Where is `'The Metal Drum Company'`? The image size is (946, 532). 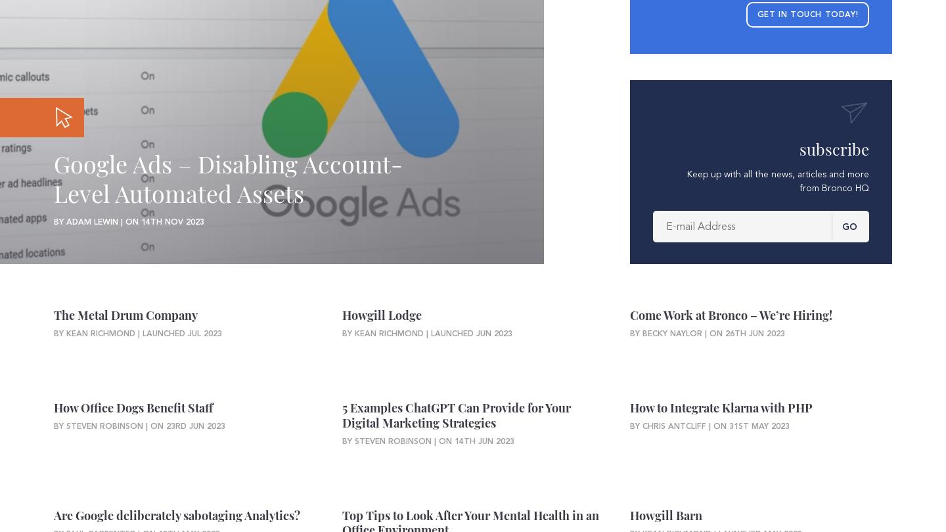
'The Metal Drum Company' is located at coordinates (125, 315).